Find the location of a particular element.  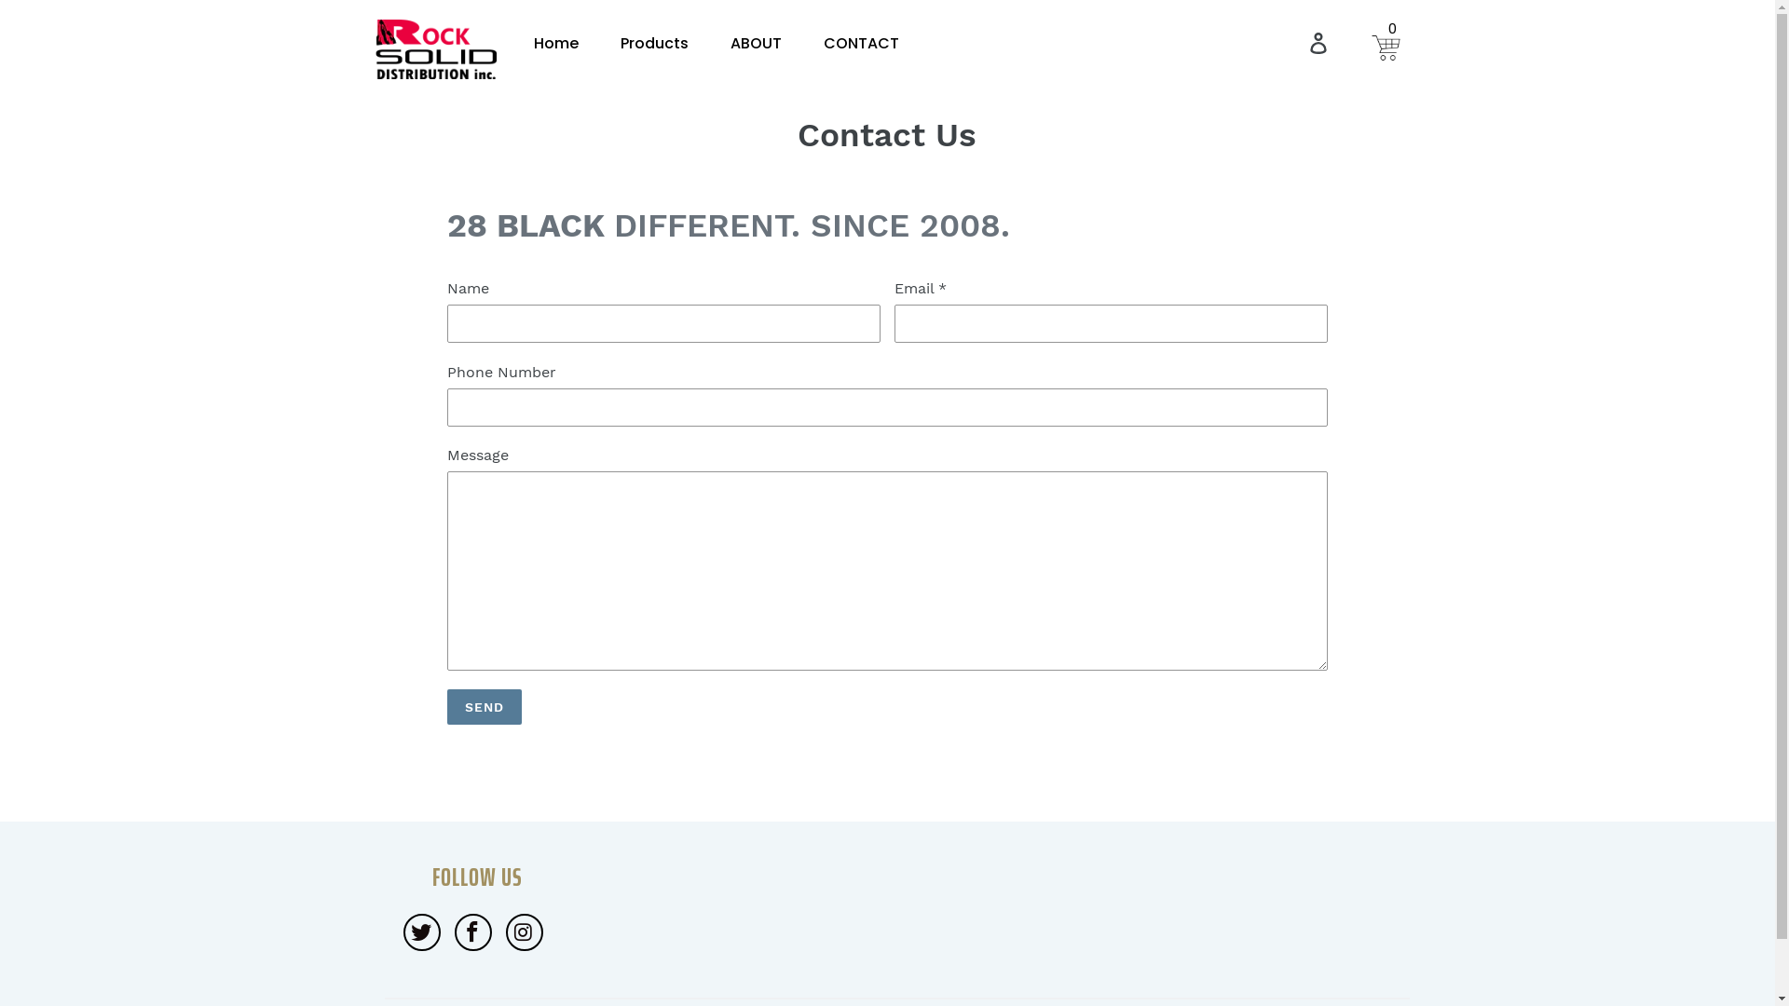

'0' is located at coordinates (1386, 42).